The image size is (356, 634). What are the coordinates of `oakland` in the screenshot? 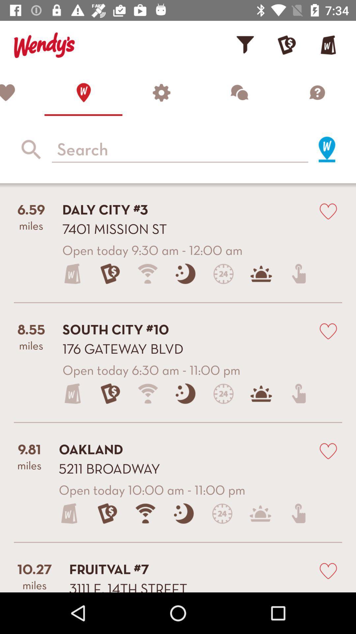 It's located at (328, 450).